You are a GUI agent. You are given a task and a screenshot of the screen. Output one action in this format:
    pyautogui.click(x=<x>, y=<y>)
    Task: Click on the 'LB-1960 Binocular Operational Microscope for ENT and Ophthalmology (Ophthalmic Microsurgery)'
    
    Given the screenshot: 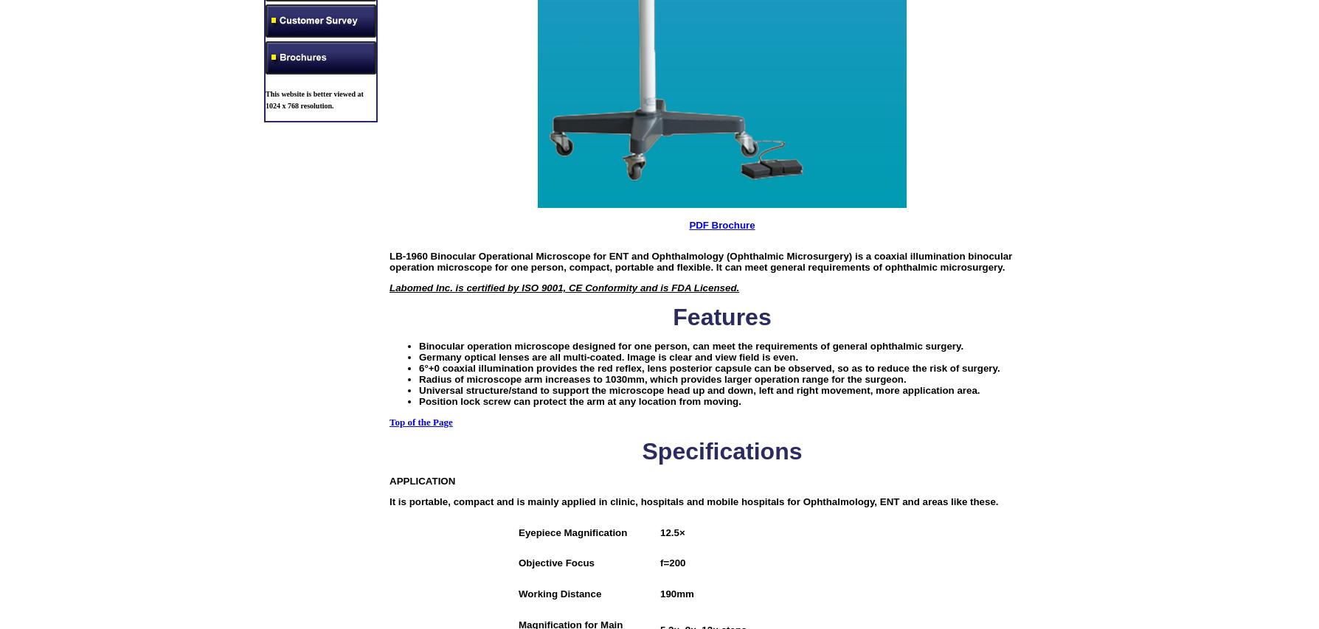 What is the action you would take?
    pyautogui.click(x=620, y=255)
    